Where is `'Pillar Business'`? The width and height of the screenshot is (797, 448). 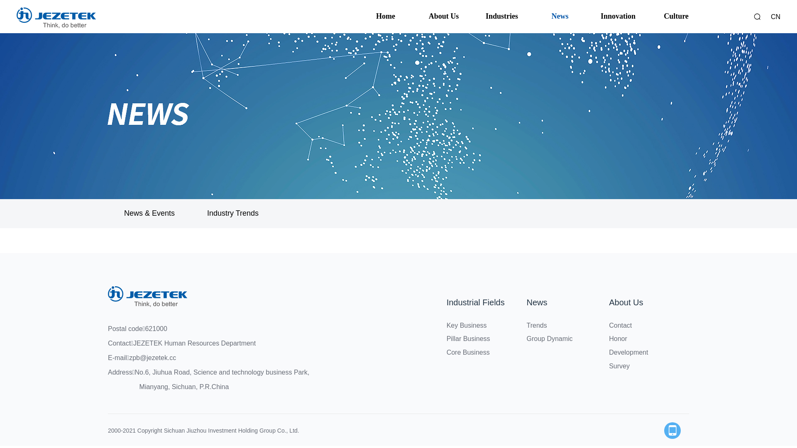
'Pillar Business' is located at coordinates (468, 338).